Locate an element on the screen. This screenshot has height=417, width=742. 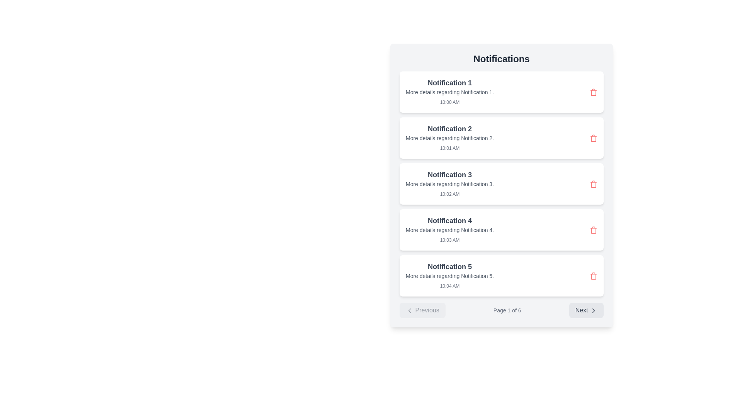
the first notification item in the notification panel is located at coordinates (450, 92).